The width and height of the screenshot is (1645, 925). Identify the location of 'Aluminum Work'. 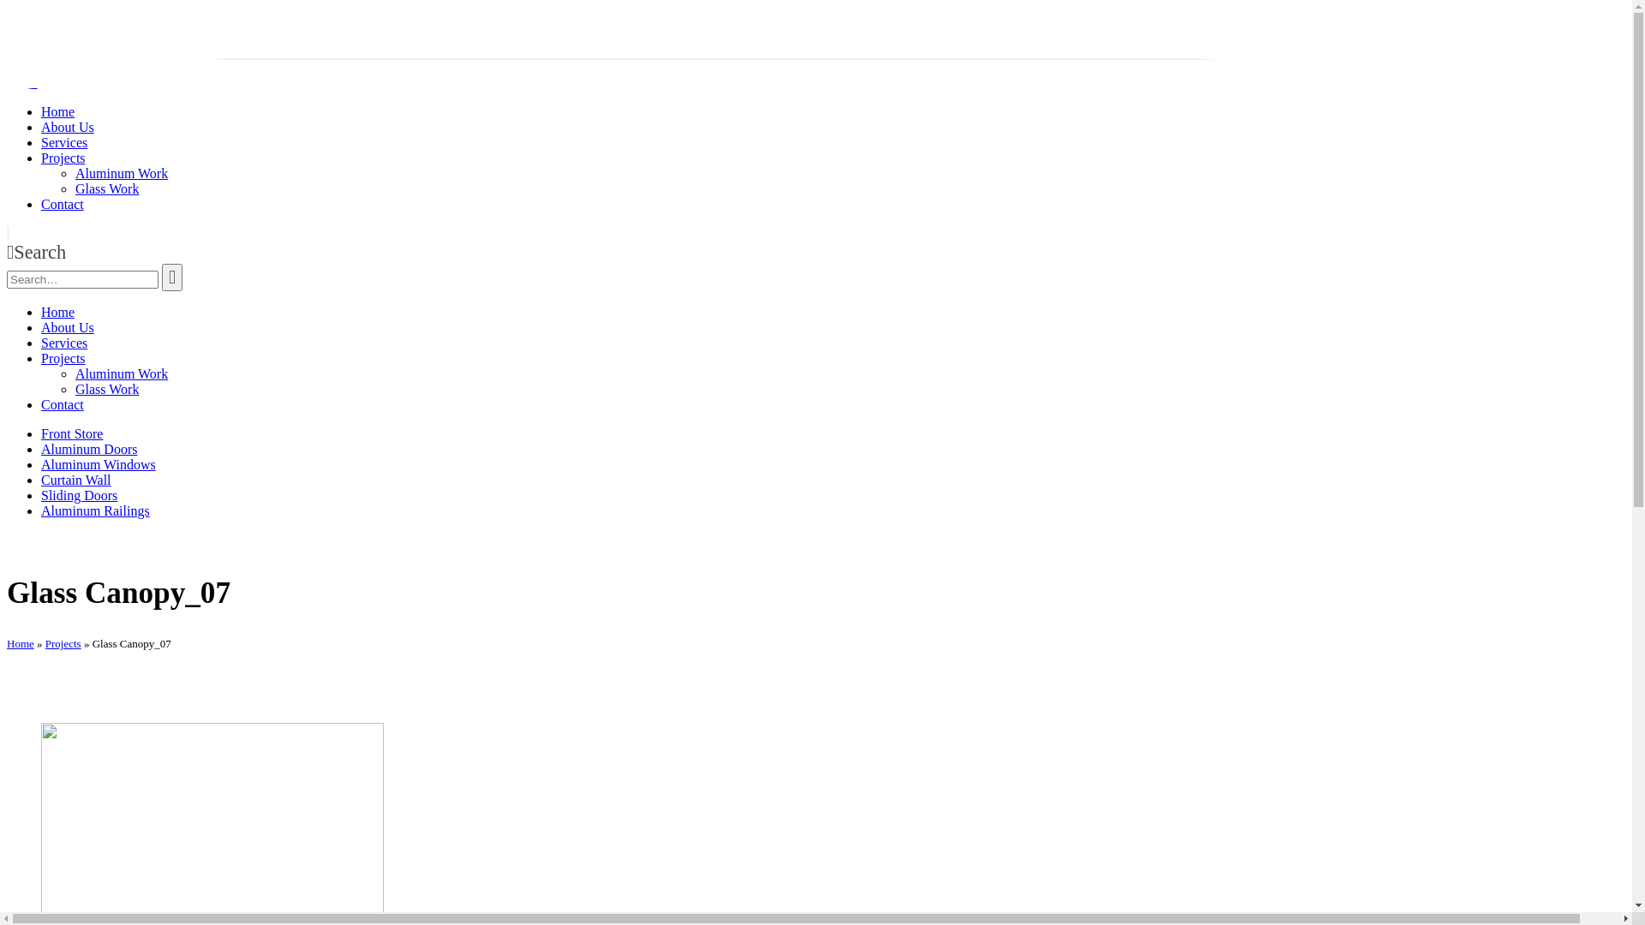
(121, 373).